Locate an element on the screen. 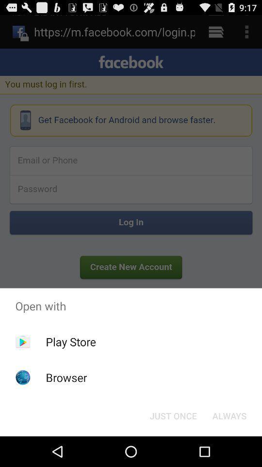 The width and height of the screenshot is (262, 467). always icon is located at coordinates (229, 415).